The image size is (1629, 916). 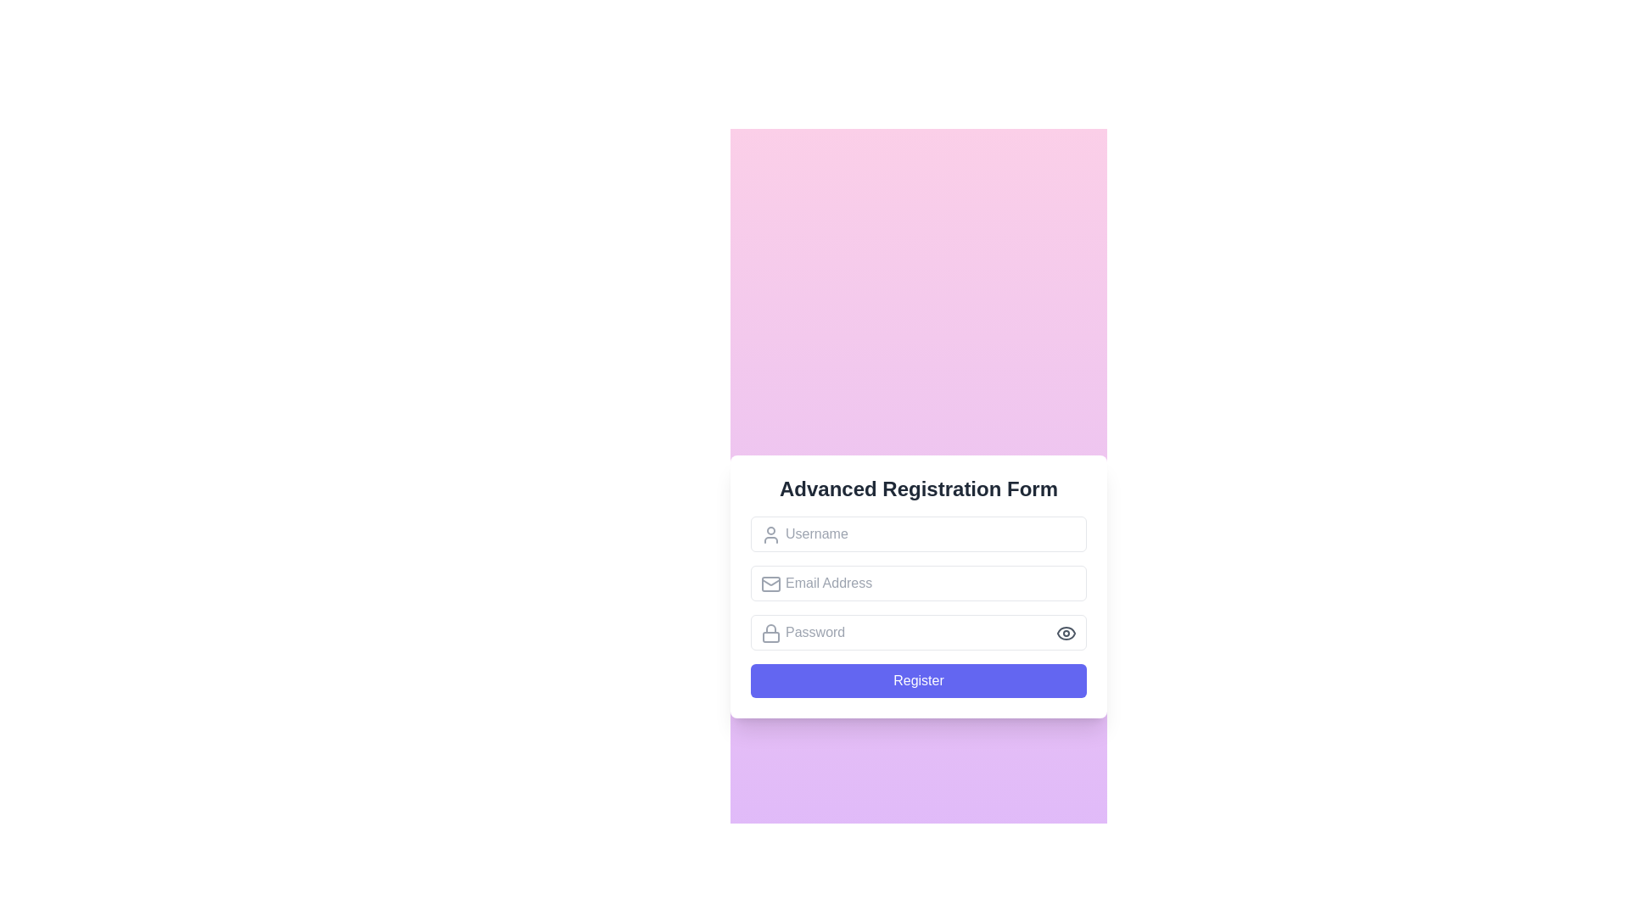 I want to click on the visibility toggle button for the password input field, which is located at the far right of the password text box, so click(x=1066, y=634).